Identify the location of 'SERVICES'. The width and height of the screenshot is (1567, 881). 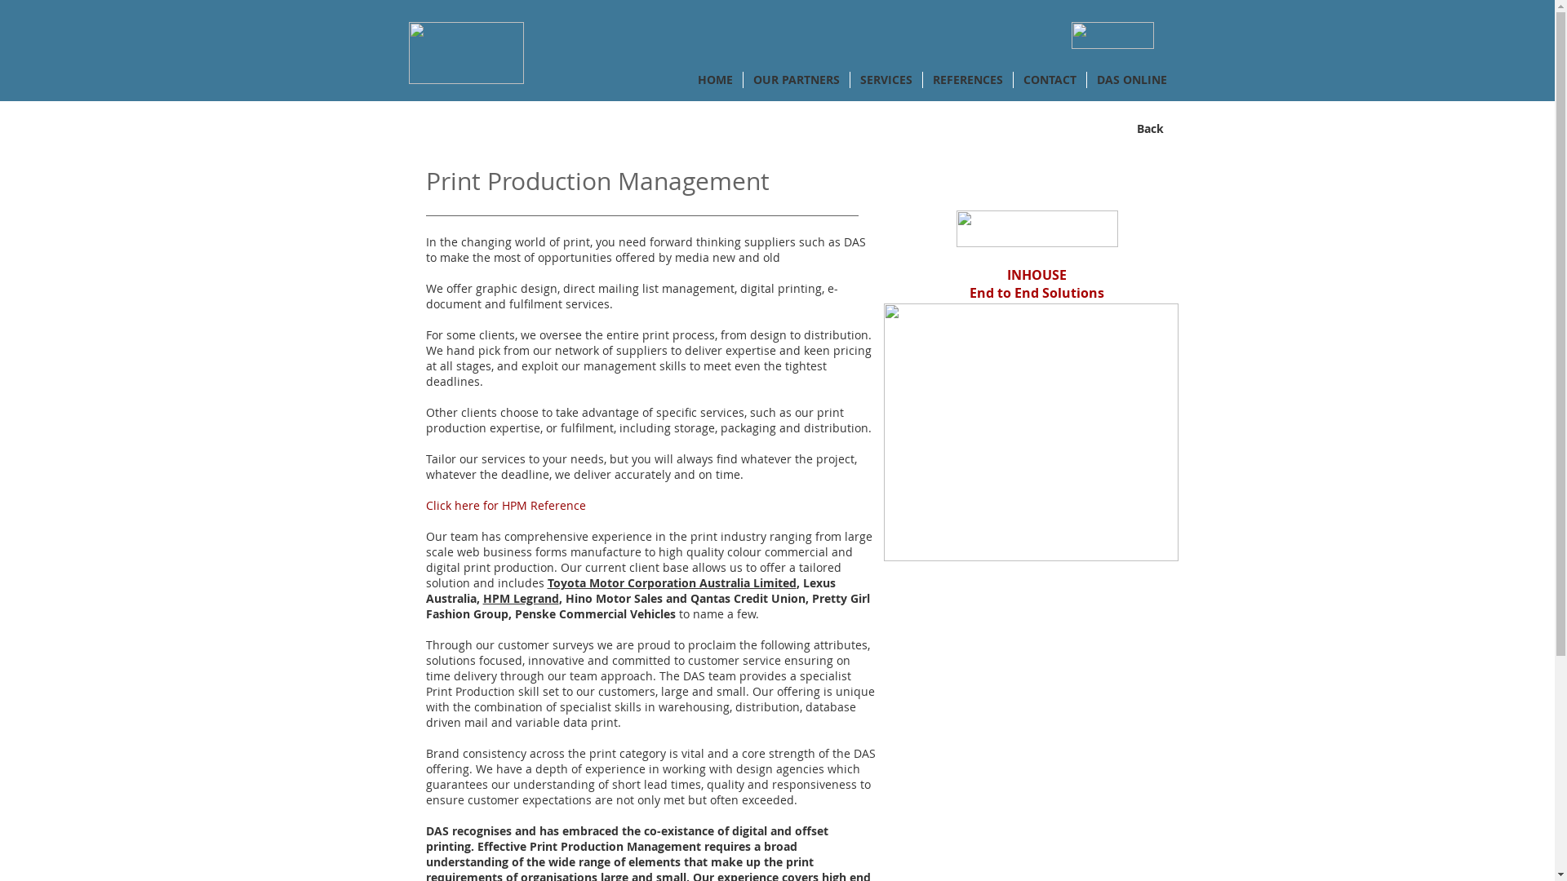
(885, 79).